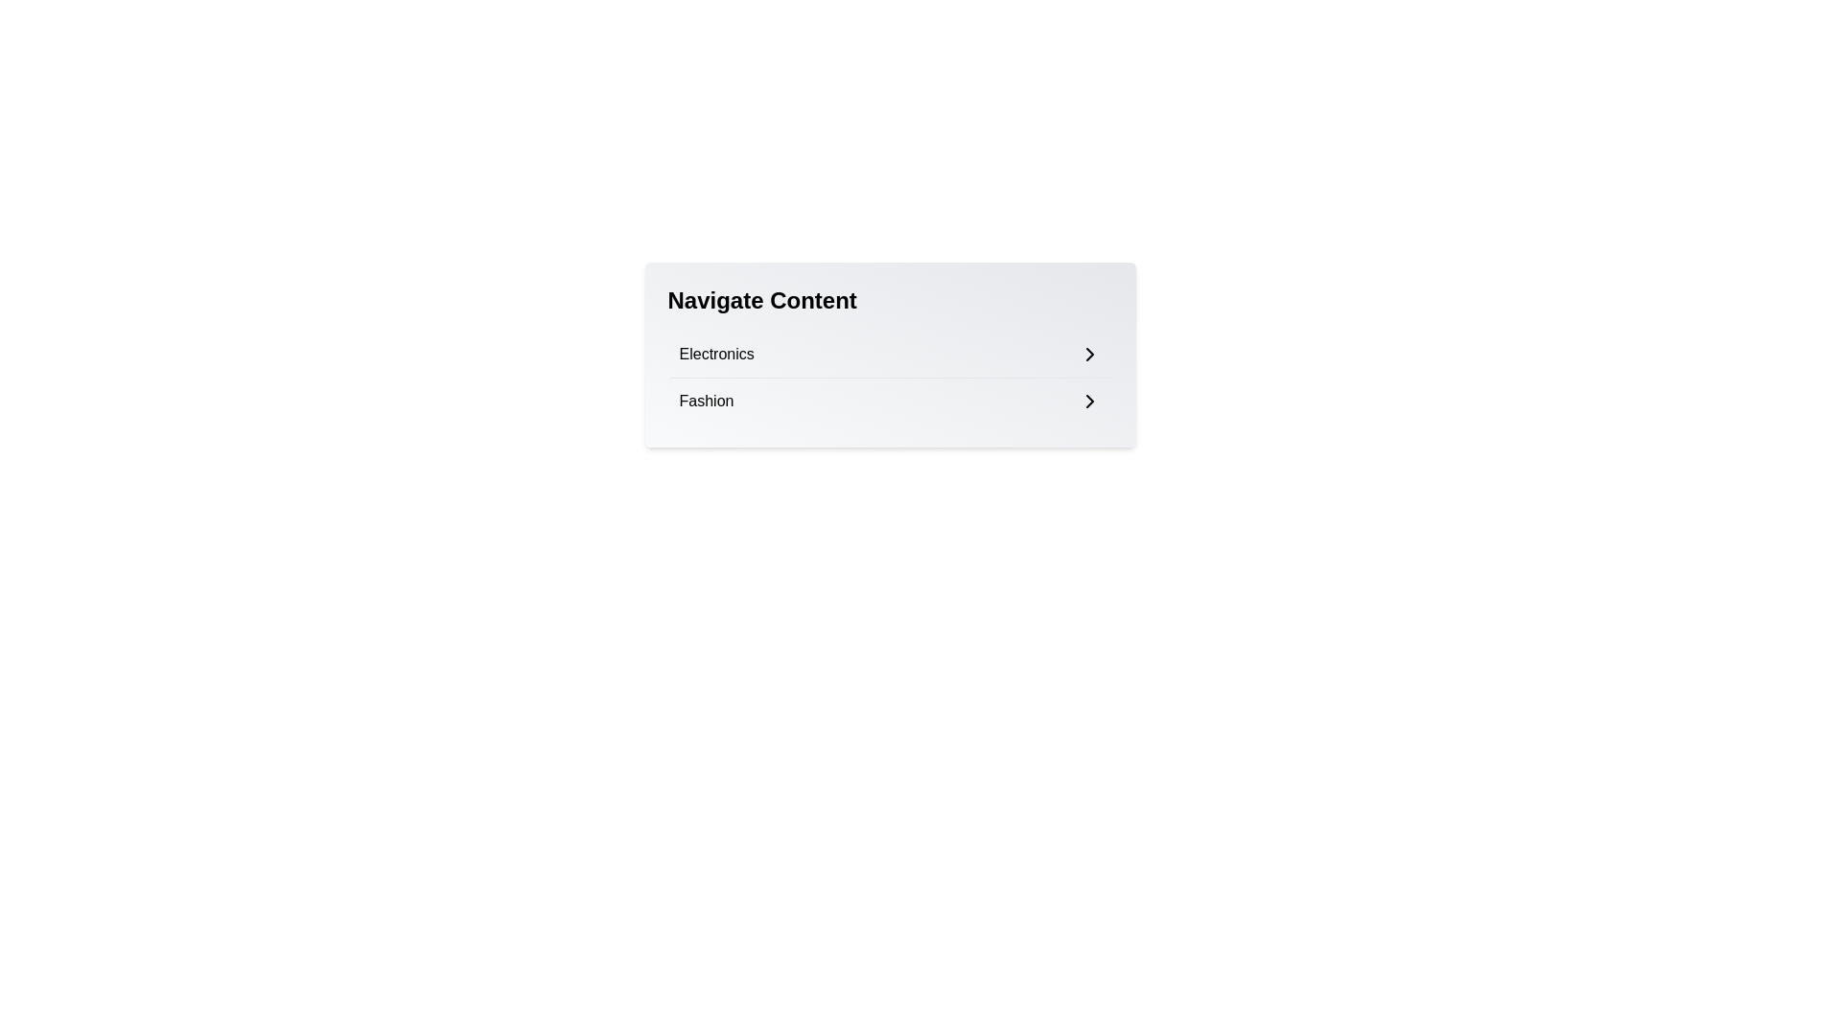 This screenshot has width=1841, height=1035. What do you see at coordinates (705, 401) in the screenshot?
I see `the left-aligned text label displaying 'Fashion', which is part of a horizontally aligned option group under the 'Navigate Content' heading` at bounding box center [705, 401].